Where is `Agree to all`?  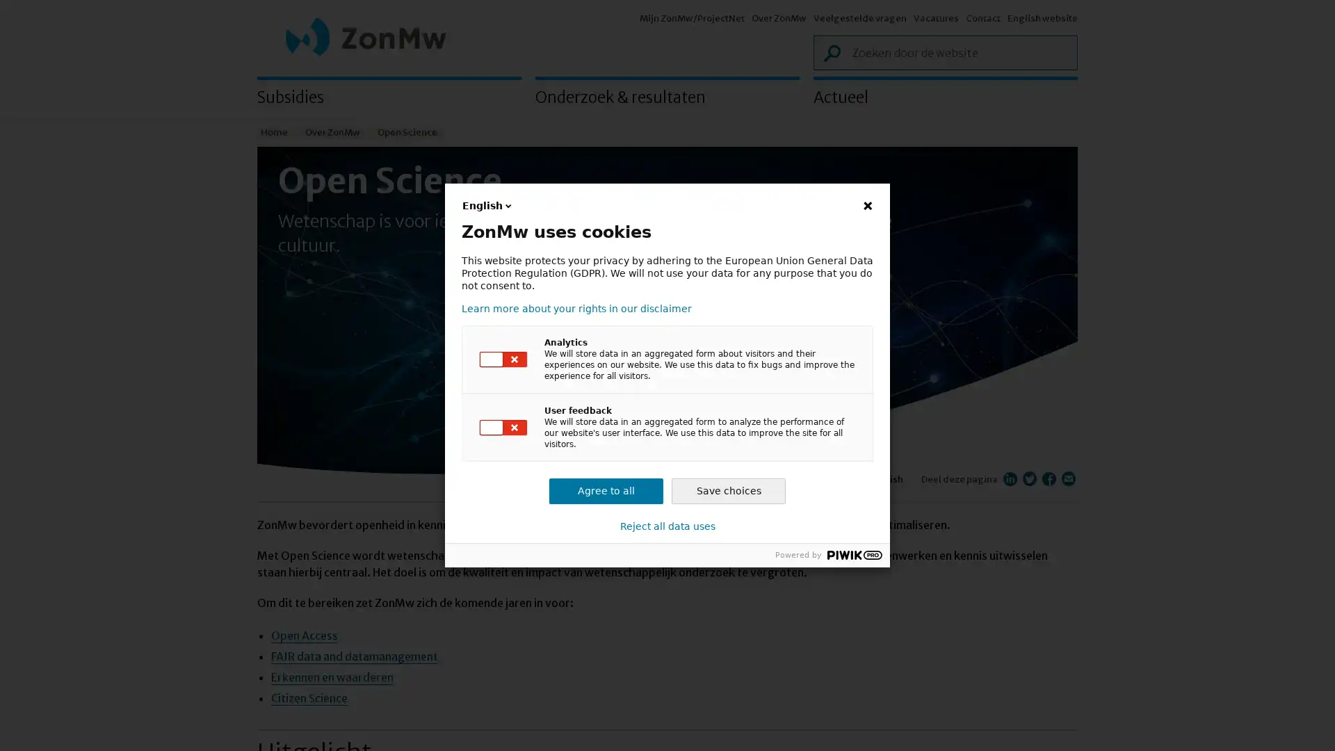
Agree to all is located at coordinates (606, 490).